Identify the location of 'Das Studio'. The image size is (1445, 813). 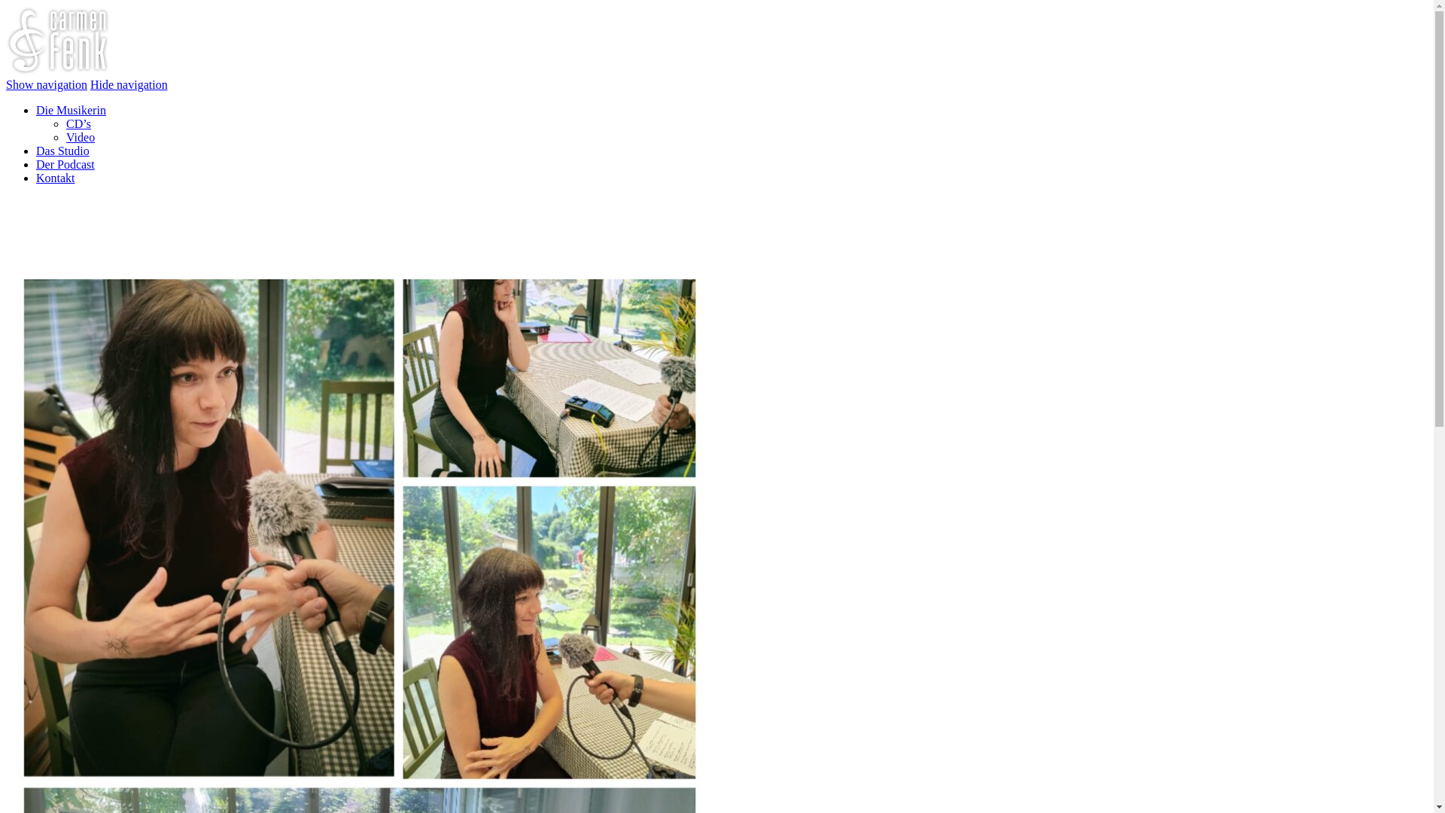
(62, 151).